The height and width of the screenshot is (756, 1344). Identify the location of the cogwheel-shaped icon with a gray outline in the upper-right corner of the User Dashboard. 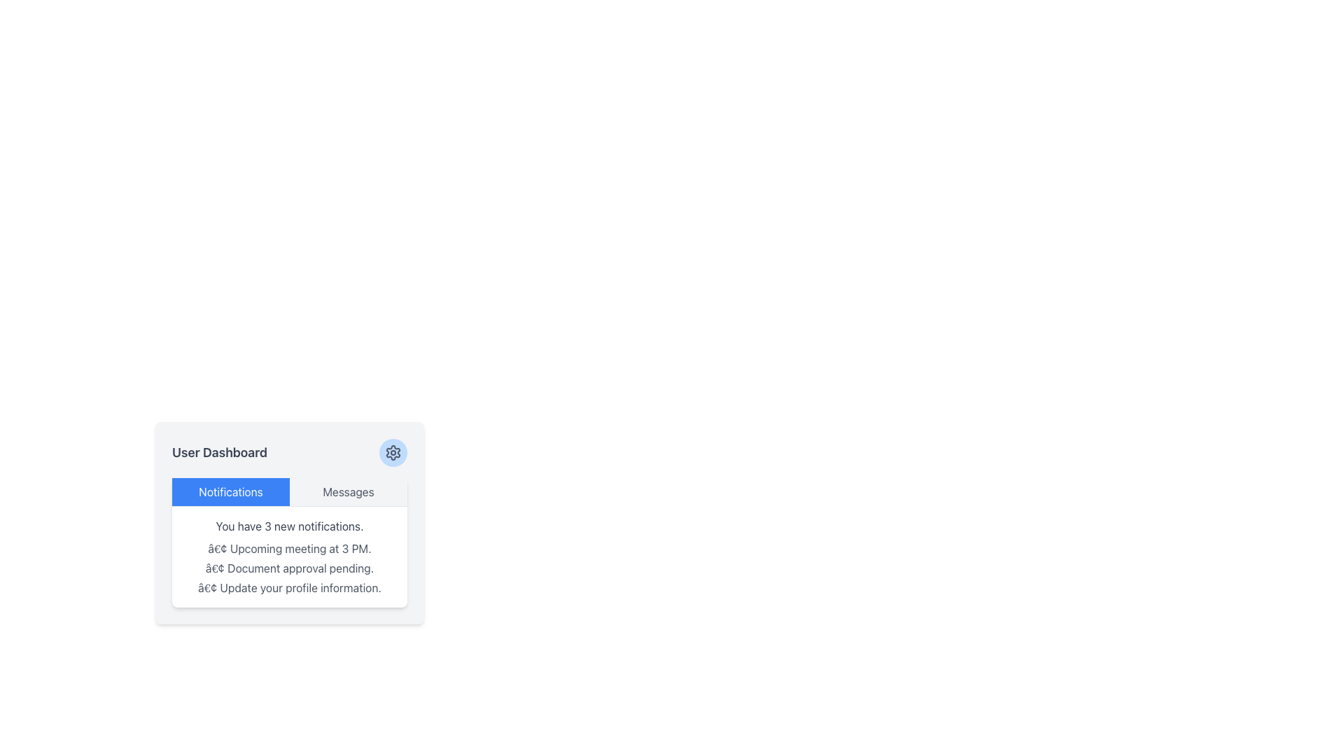
(392, 453).